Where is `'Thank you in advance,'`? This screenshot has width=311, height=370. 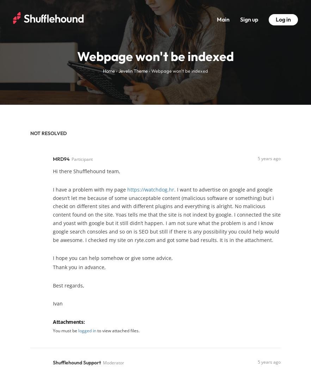
'Thank you in advance,' is located at coordinates (79, 267).